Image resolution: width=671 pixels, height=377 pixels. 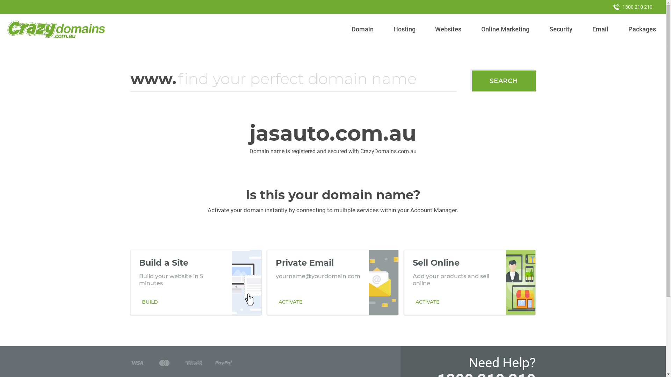 What do you see at coordinates (448, 29) in the screenshot?
I see `'Websites'` at bounding box center [448, 29].